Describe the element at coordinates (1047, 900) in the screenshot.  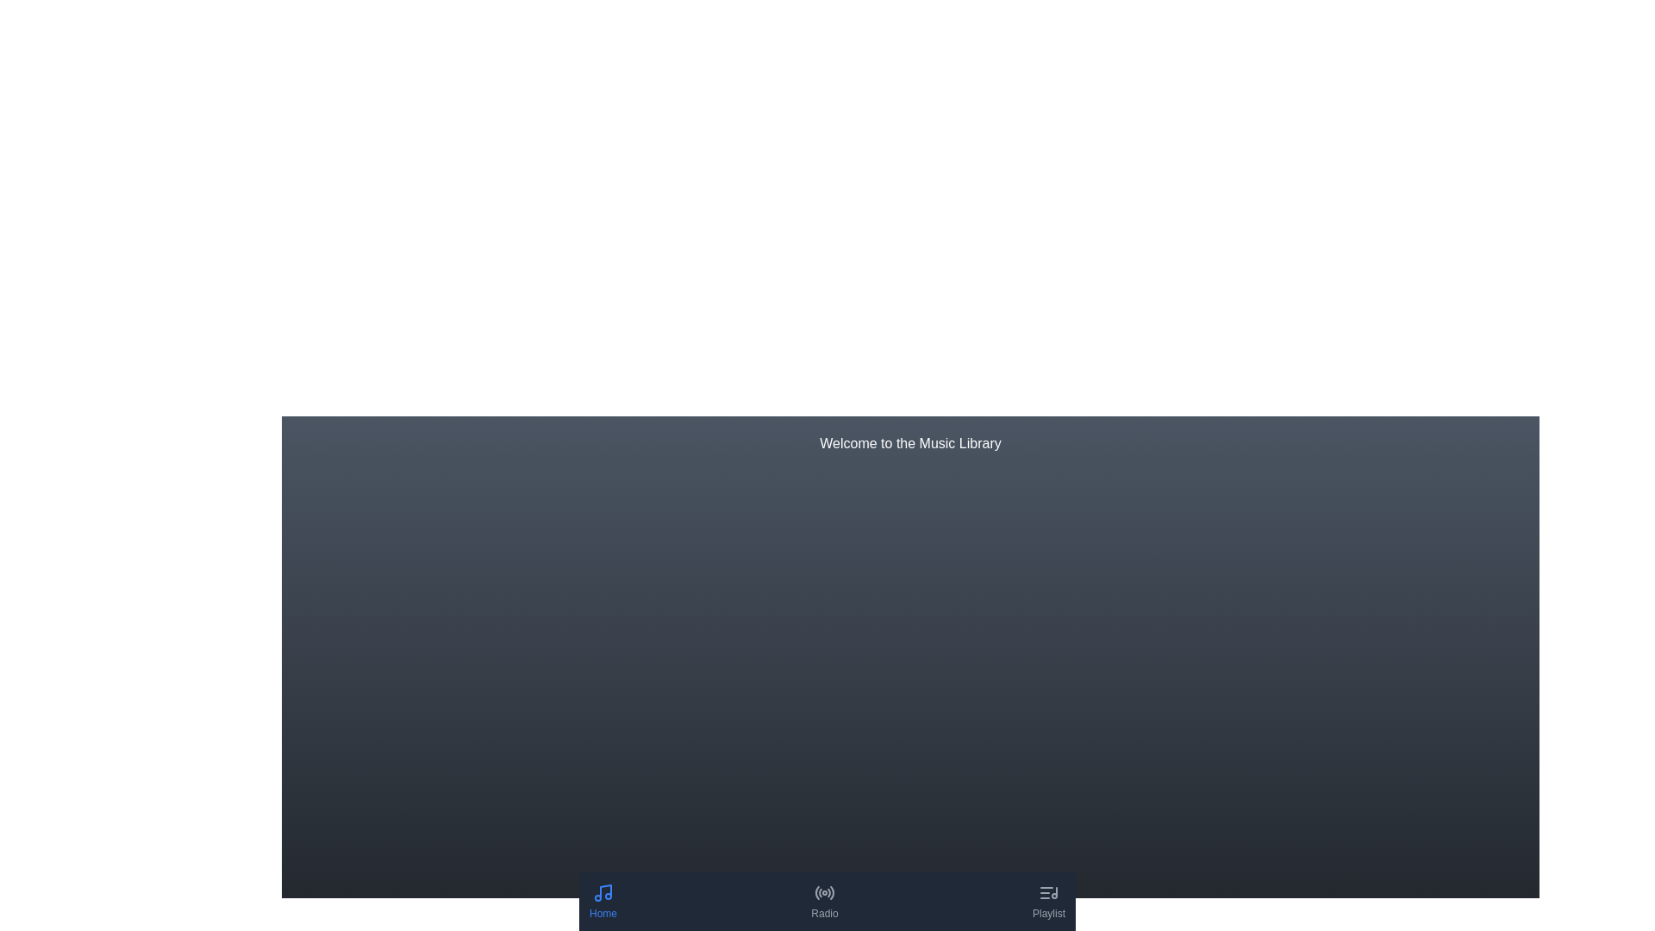
I see `the 'Playlist' navigation button located at the bottom-right corner of the interface` at that location.